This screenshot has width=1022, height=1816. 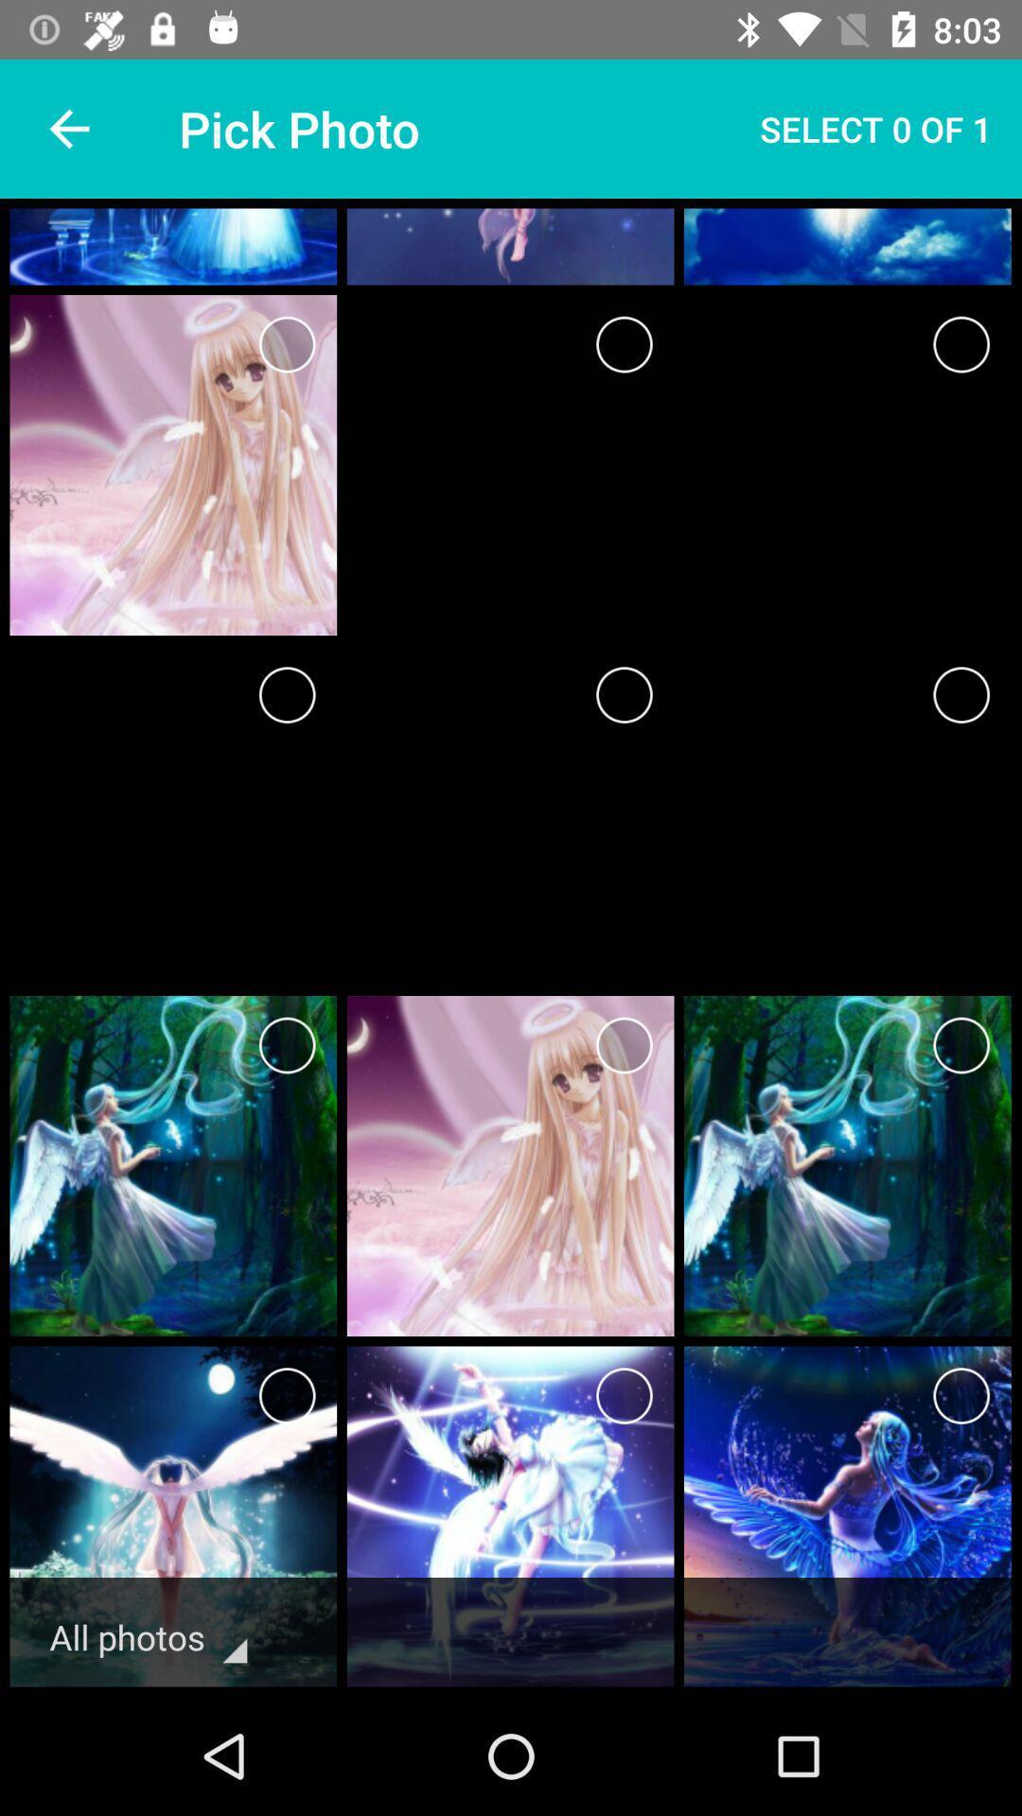 What do you see at coordinates (287, 344) in the screenshot?
I see `option` at bounding box center [287, 344].